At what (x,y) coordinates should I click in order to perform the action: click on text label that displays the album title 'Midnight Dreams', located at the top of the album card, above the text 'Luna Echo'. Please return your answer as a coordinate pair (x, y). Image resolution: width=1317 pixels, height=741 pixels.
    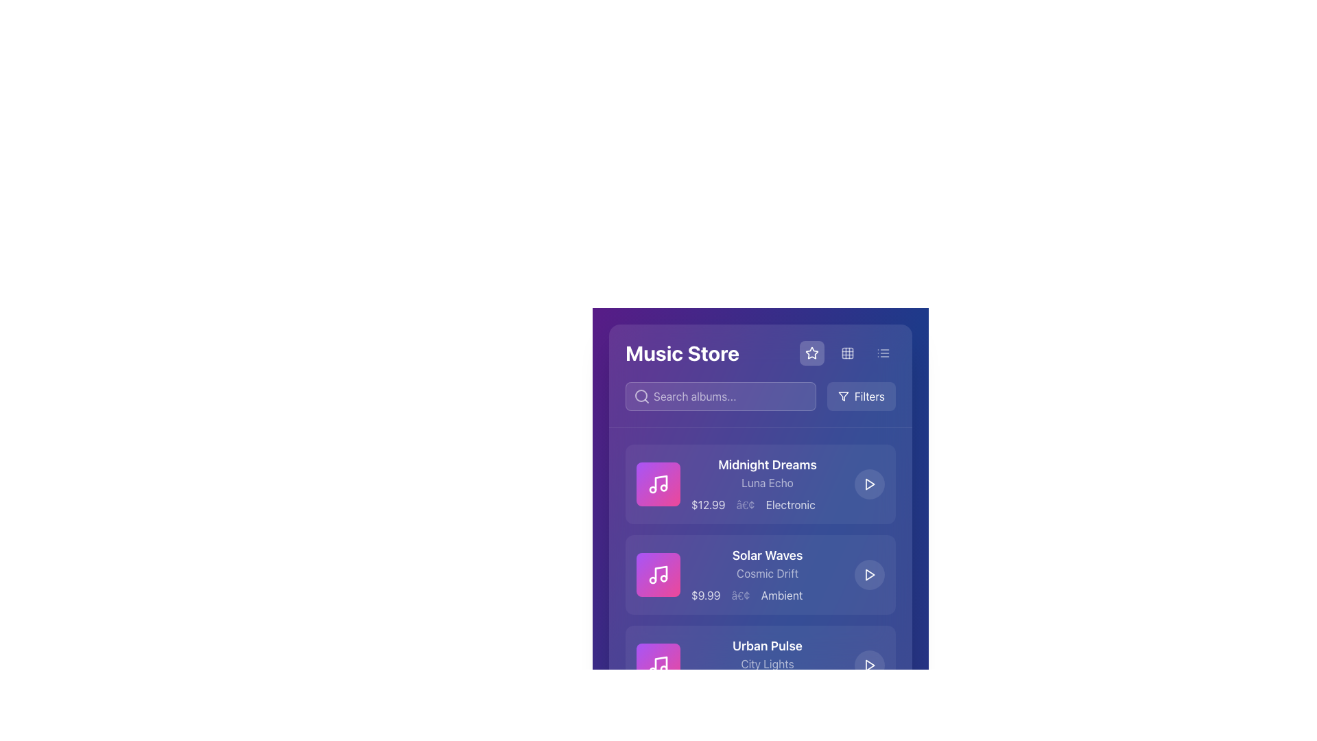
    Looking at the image, I should click on (766, 464).